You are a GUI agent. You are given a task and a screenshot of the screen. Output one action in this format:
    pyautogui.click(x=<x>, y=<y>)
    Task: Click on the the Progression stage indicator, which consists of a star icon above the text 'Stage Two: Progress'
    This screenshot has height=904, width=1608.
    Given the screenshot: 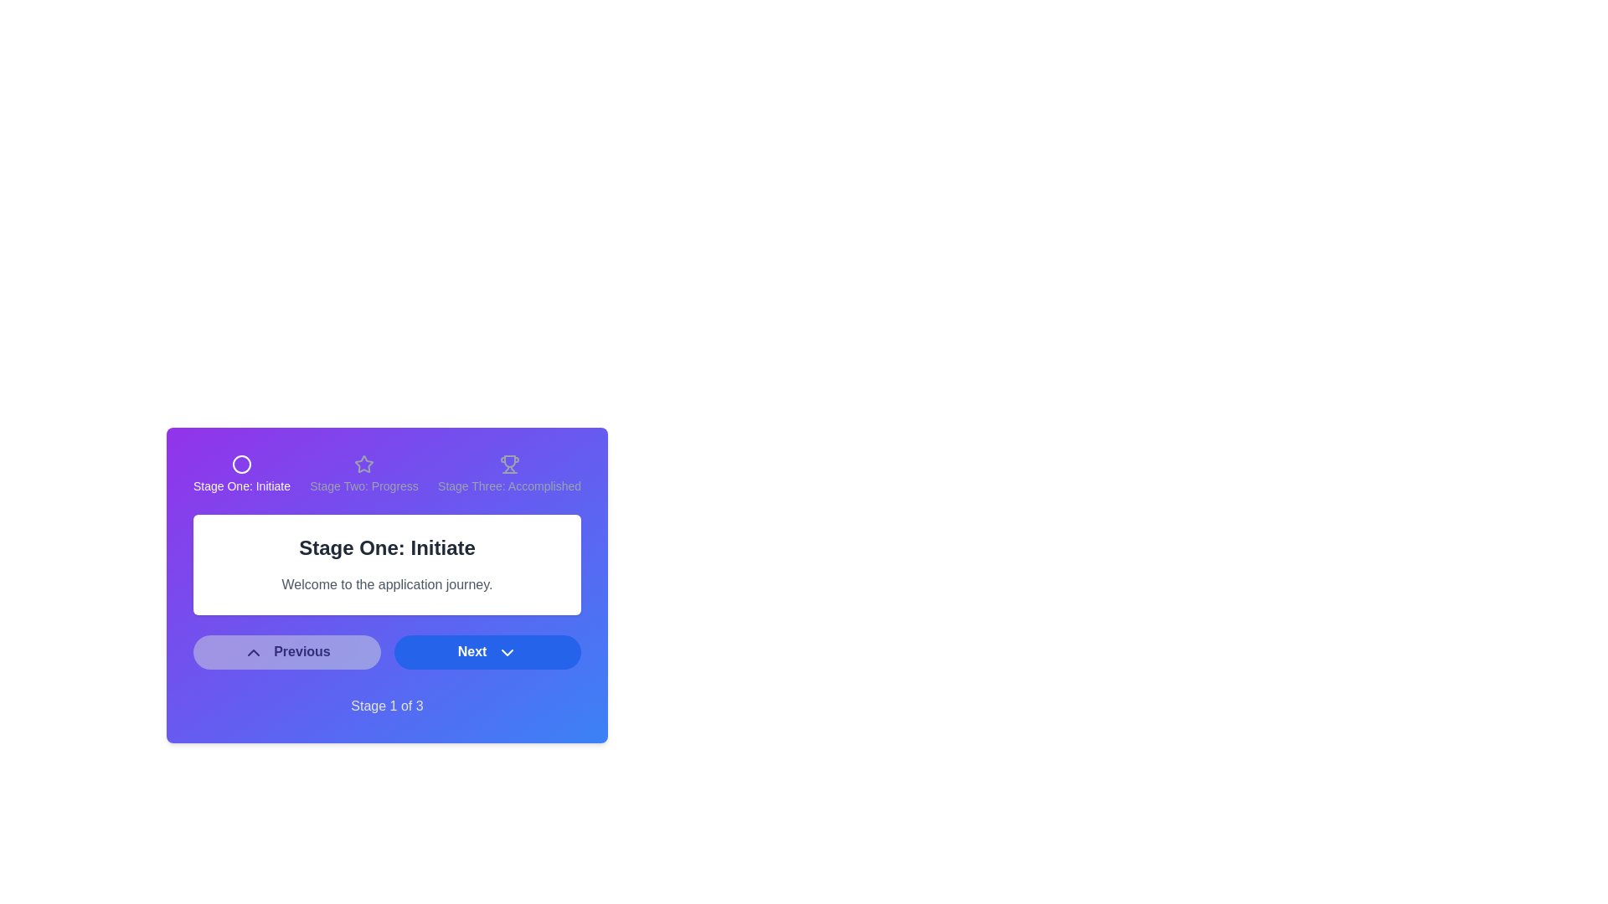 What is the action you would take?
    pyautogui.click(x=363, y=475)
    